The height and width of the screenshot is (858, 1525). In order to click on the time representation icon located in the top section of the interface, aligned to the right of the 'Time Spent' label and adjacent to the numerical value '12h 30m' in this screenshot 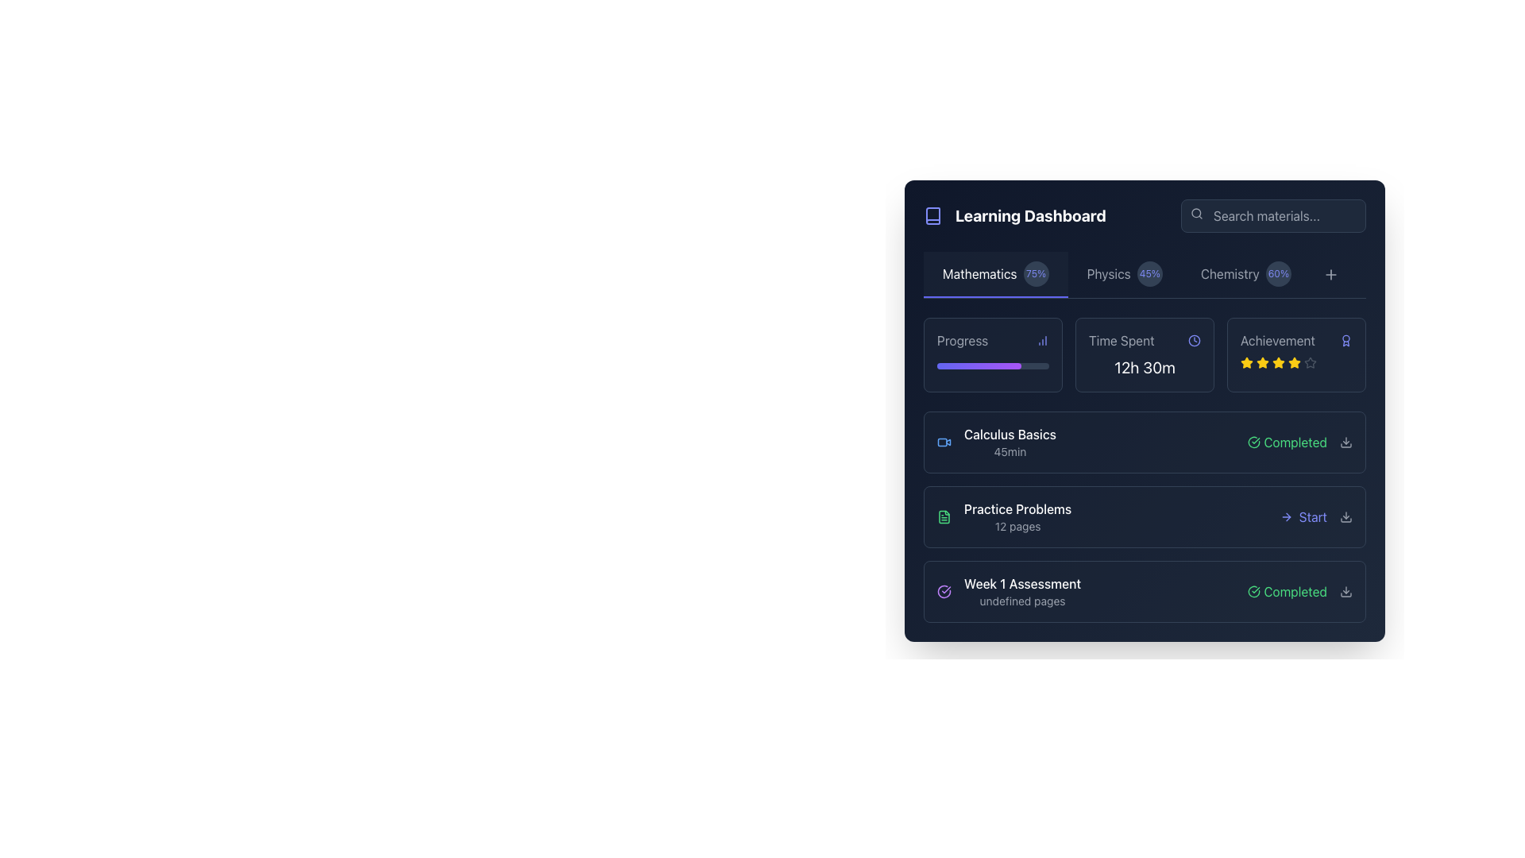, I will do `click(1194, 339)`.